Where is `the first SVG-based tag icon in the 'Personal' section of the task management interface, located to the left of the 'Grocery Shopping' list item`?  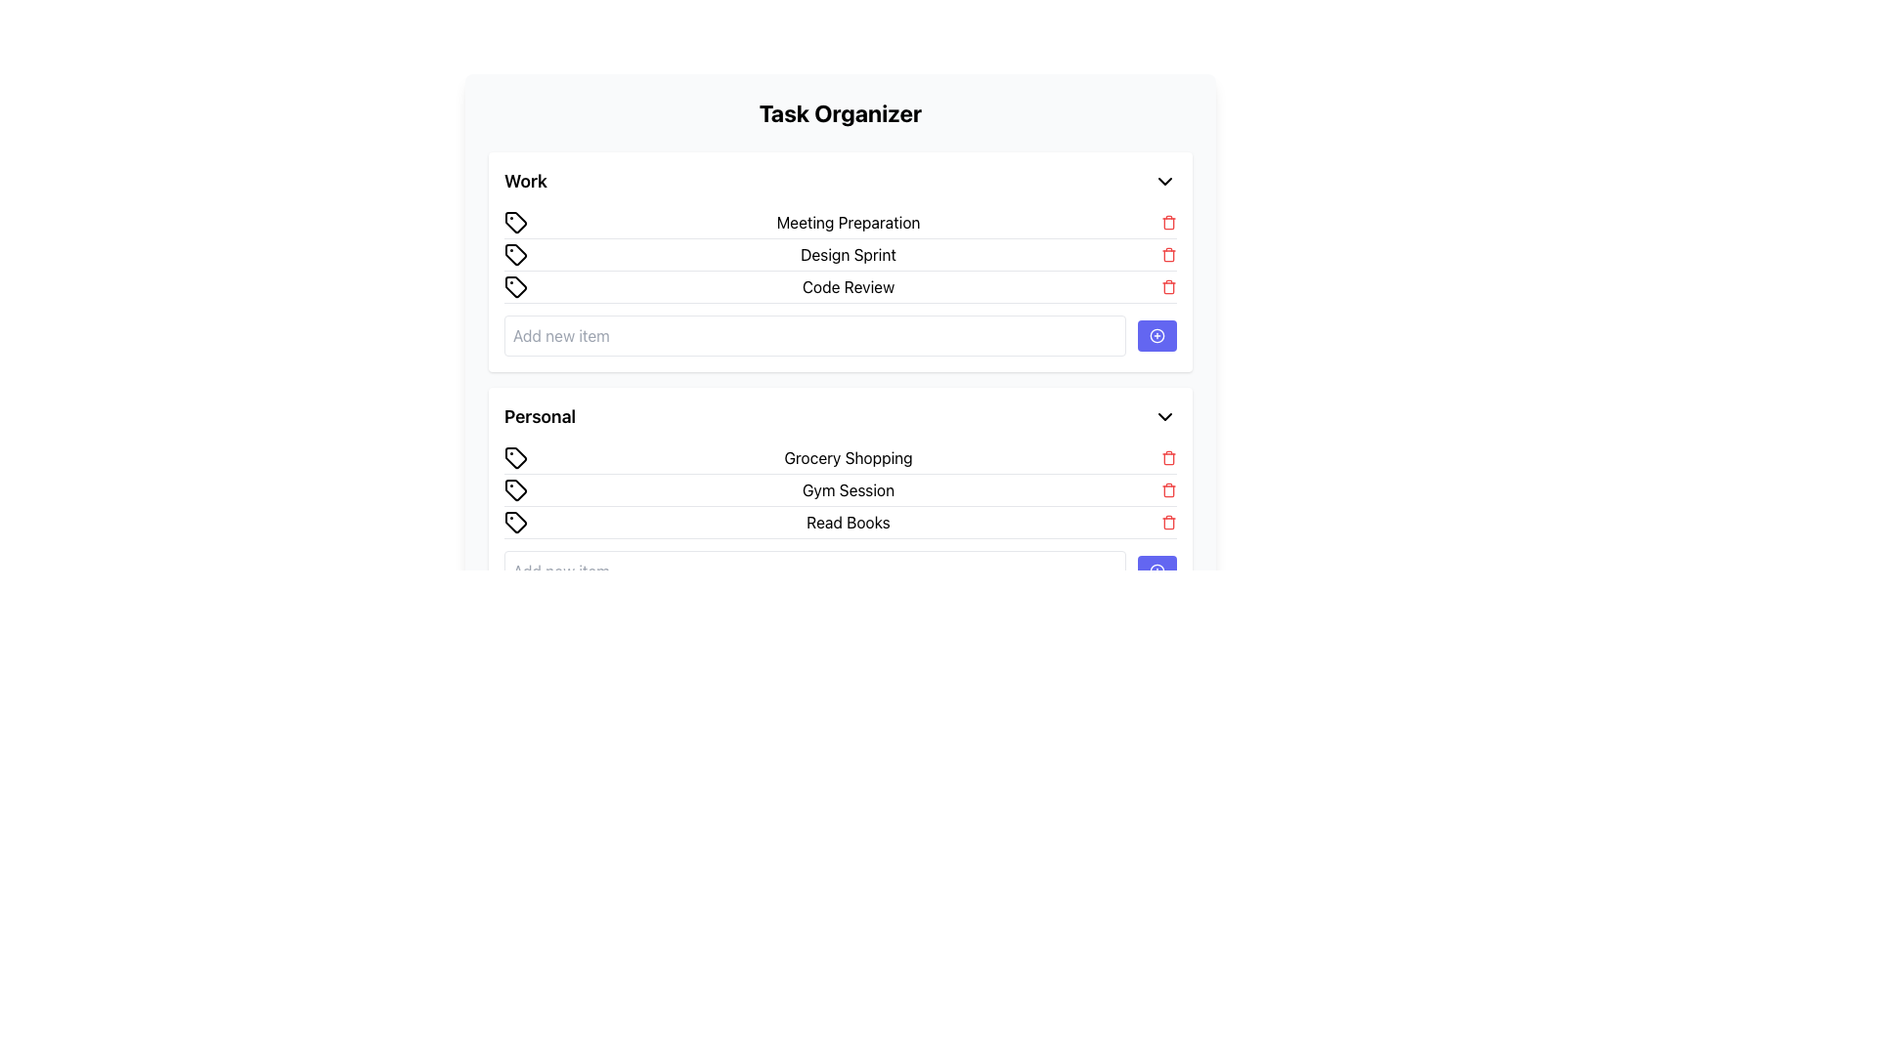 the first SVG-based tag icon in the 'Personal' section of the task management interface, located to the left of the 'Grocery Shopping' list item is located at coordinates (516, 458).